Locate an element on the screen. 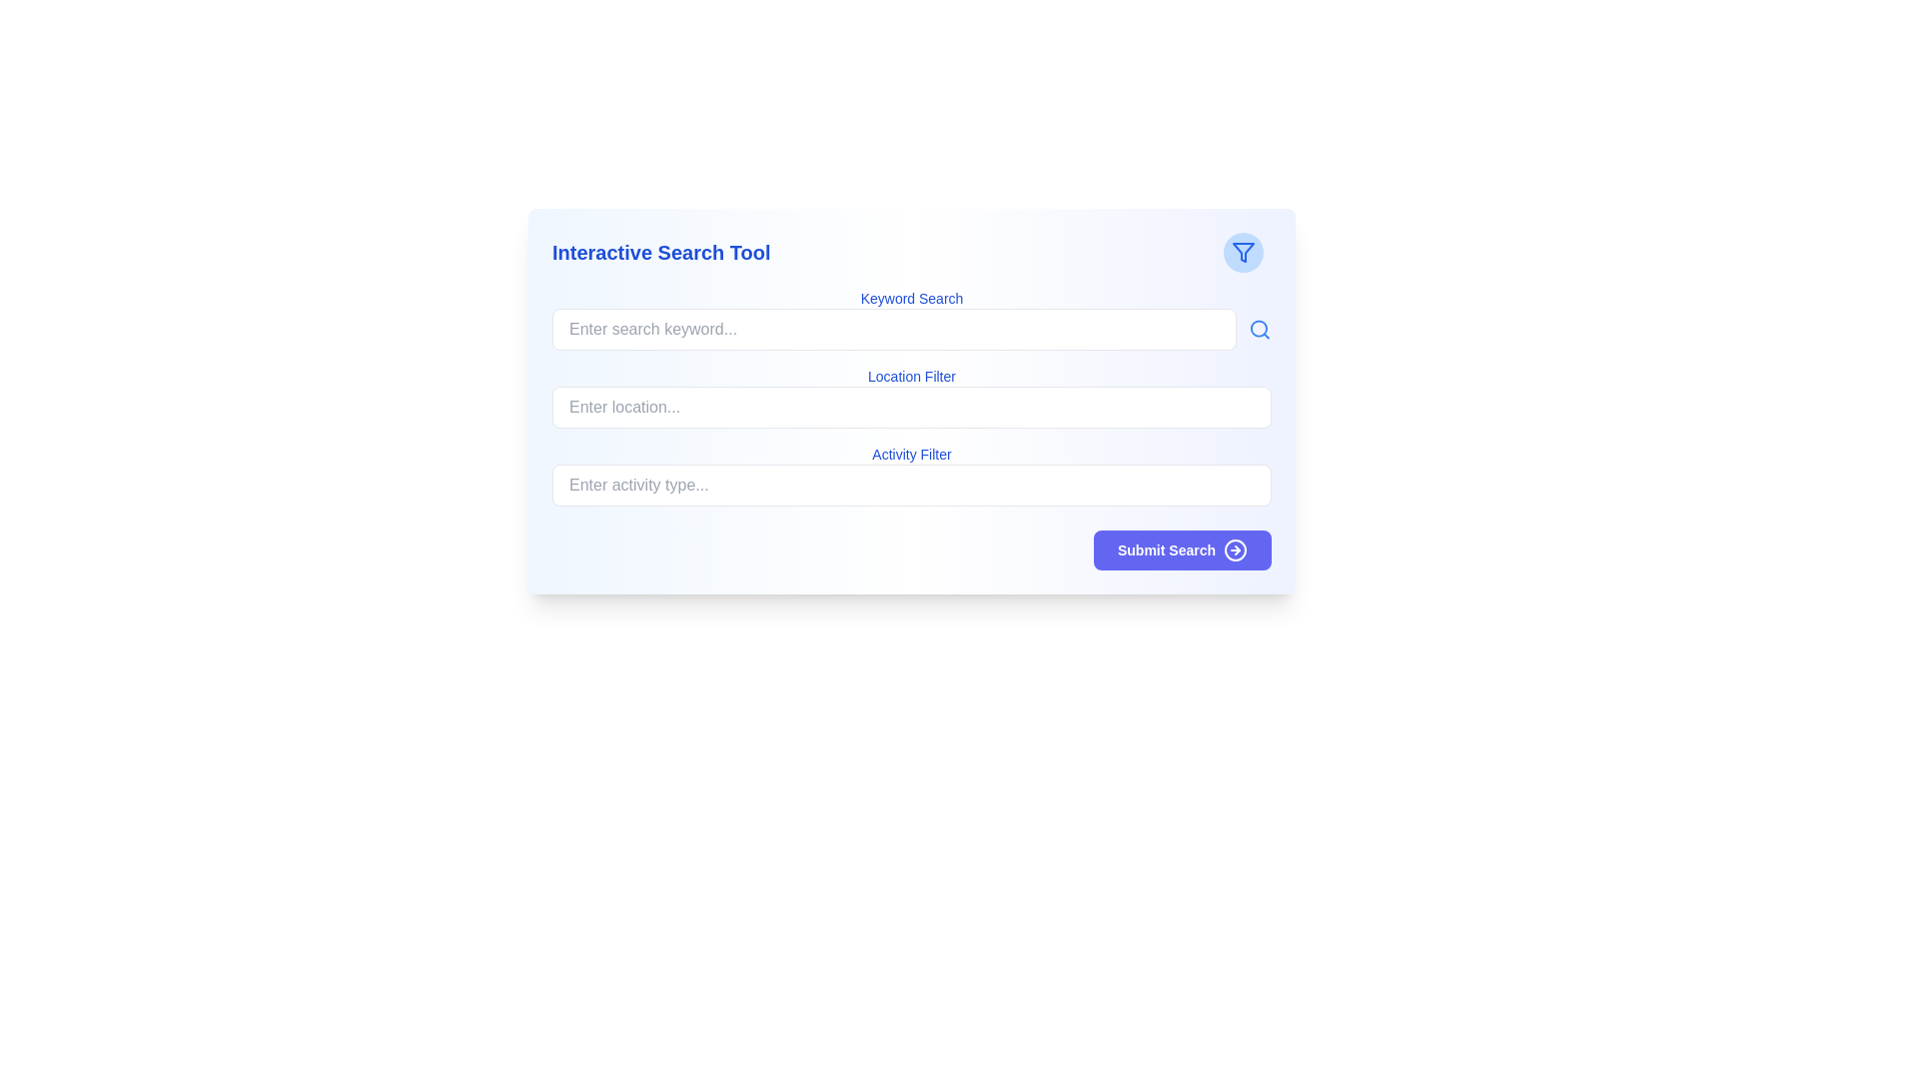 The image size is (1918, 1079). the 'Keyword Search' text label, which is styled in blue with medium weight and located above the input box for search keywords is located at coordinates (910, 299).